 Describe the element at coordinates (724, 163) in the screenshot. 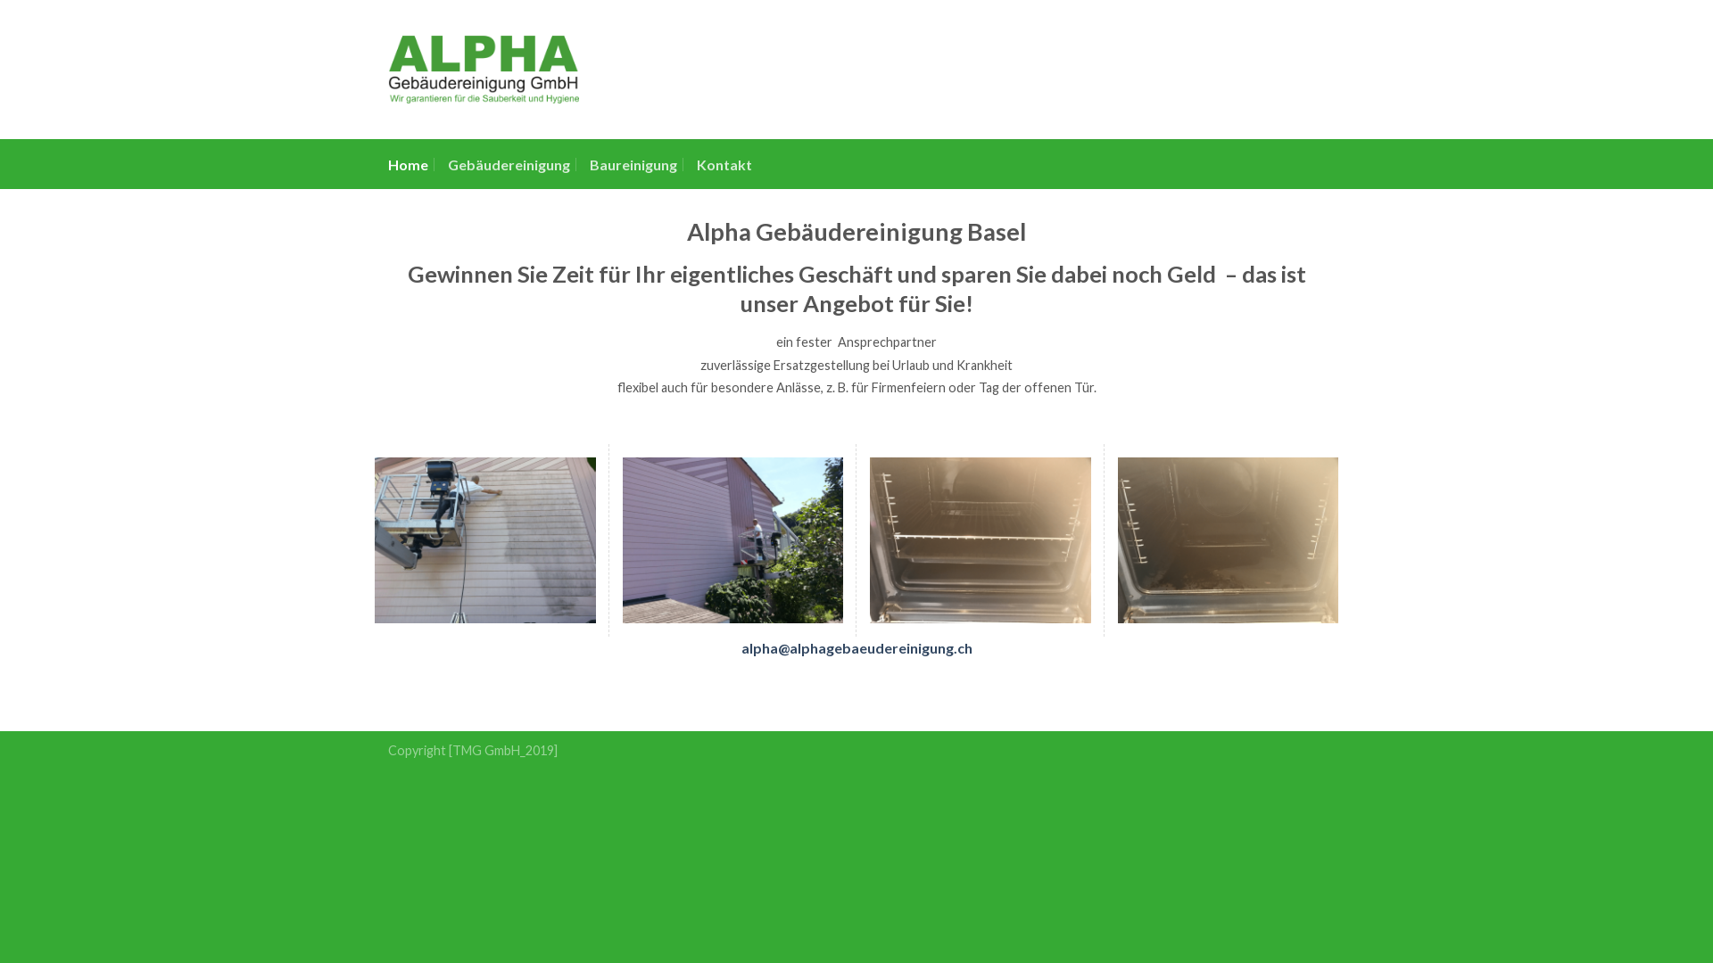

I see `'Kontakt'` at that location.